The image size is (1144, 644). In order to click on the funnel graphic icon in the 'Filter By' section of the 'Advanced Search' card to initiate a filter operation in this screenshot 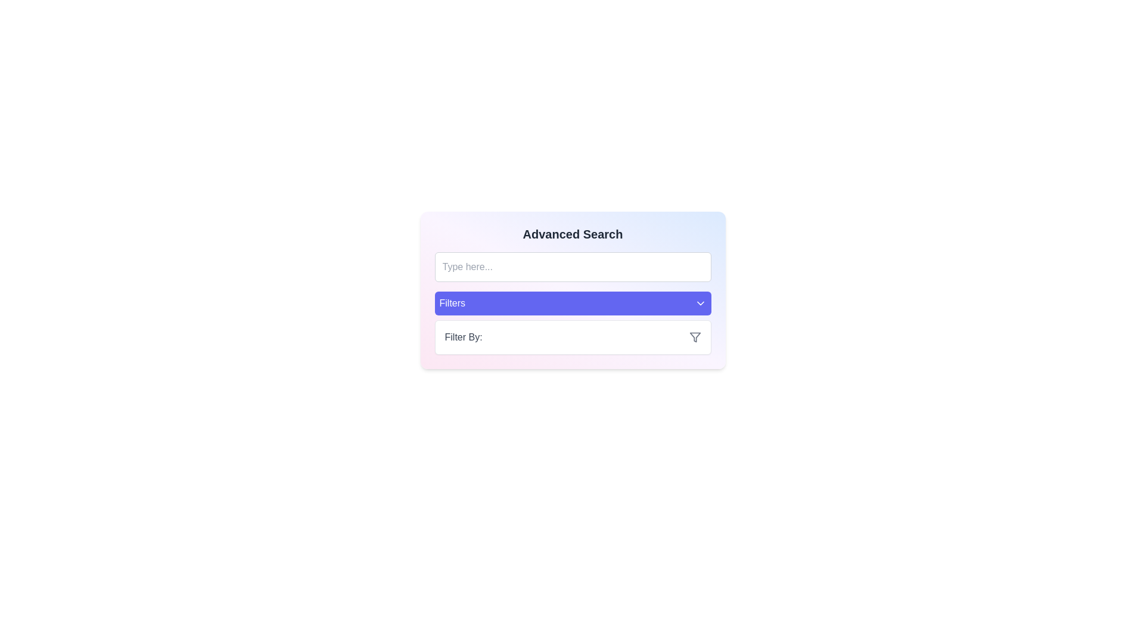, I will do `click(695, 338)`.